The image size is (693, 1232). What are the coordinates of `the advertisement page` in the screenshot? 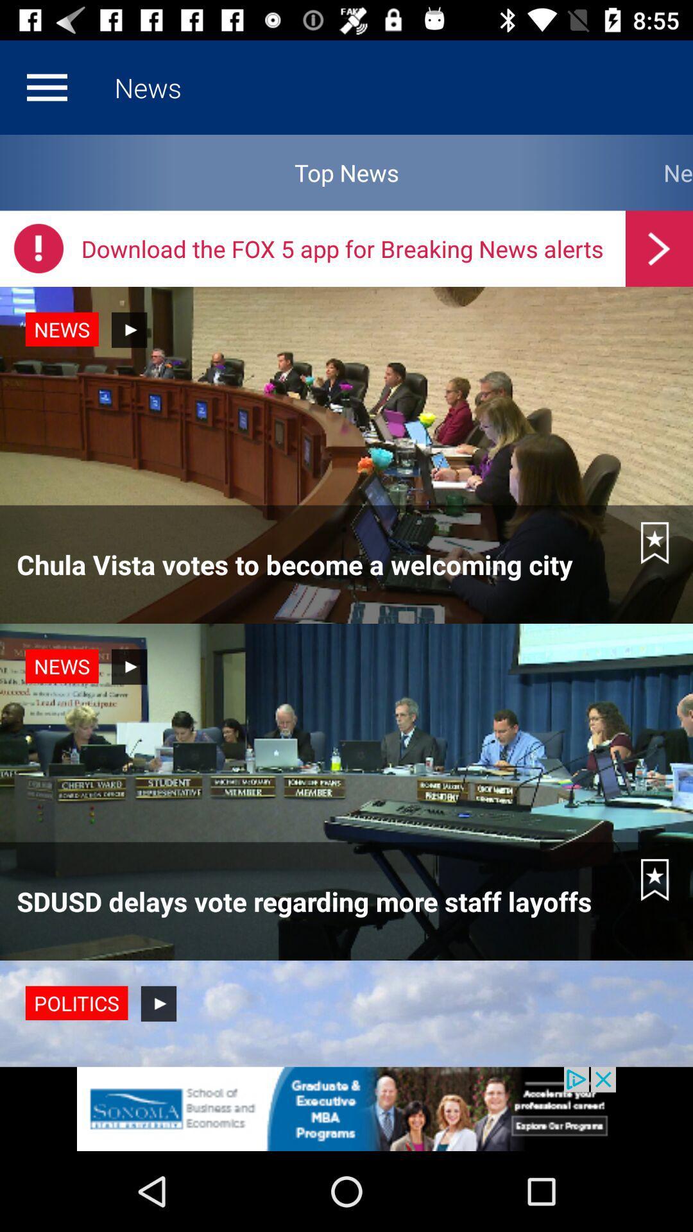 It's located at (346, 1108).